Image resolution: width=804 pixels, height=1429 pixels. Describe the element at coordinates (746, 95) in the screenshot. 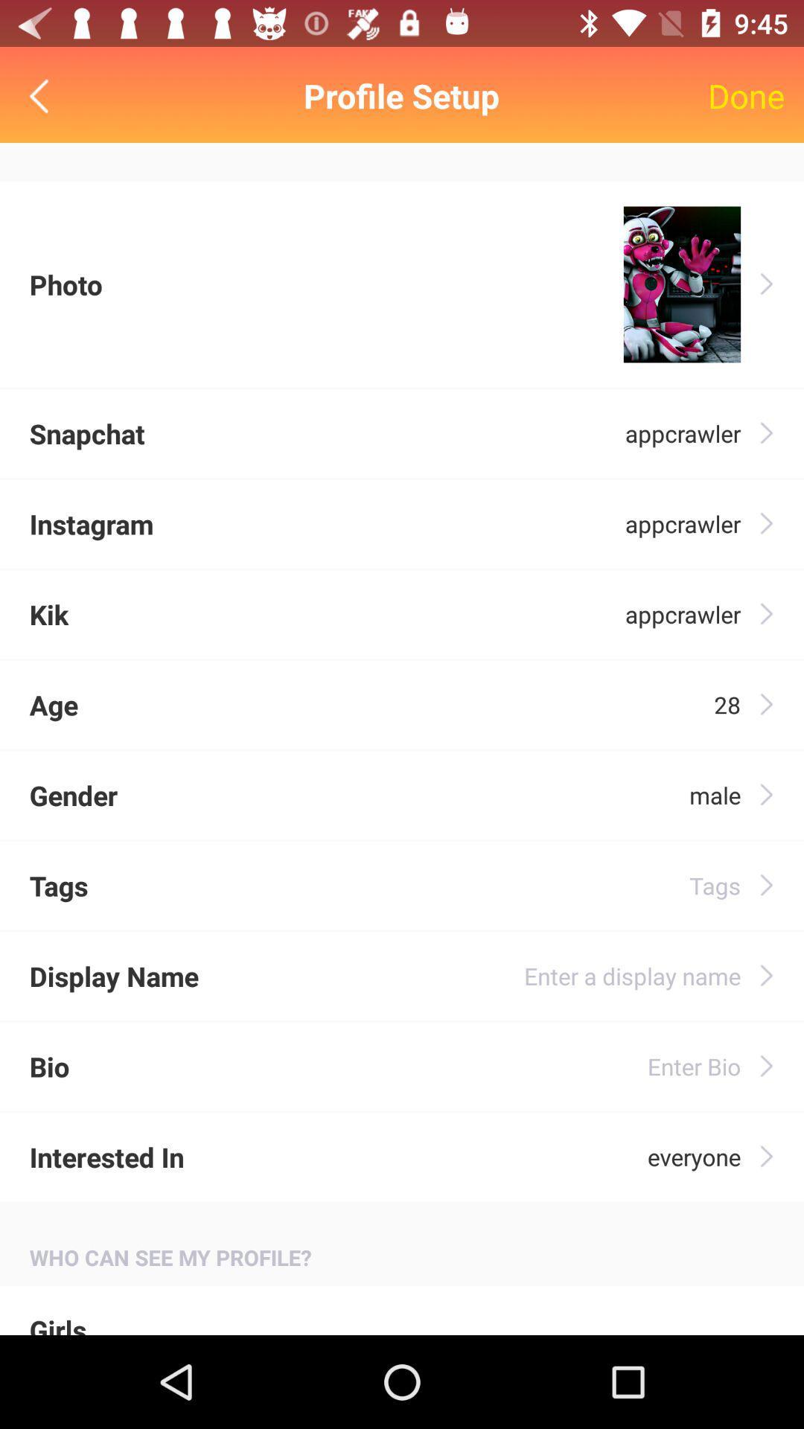

I see `the done` at that location.